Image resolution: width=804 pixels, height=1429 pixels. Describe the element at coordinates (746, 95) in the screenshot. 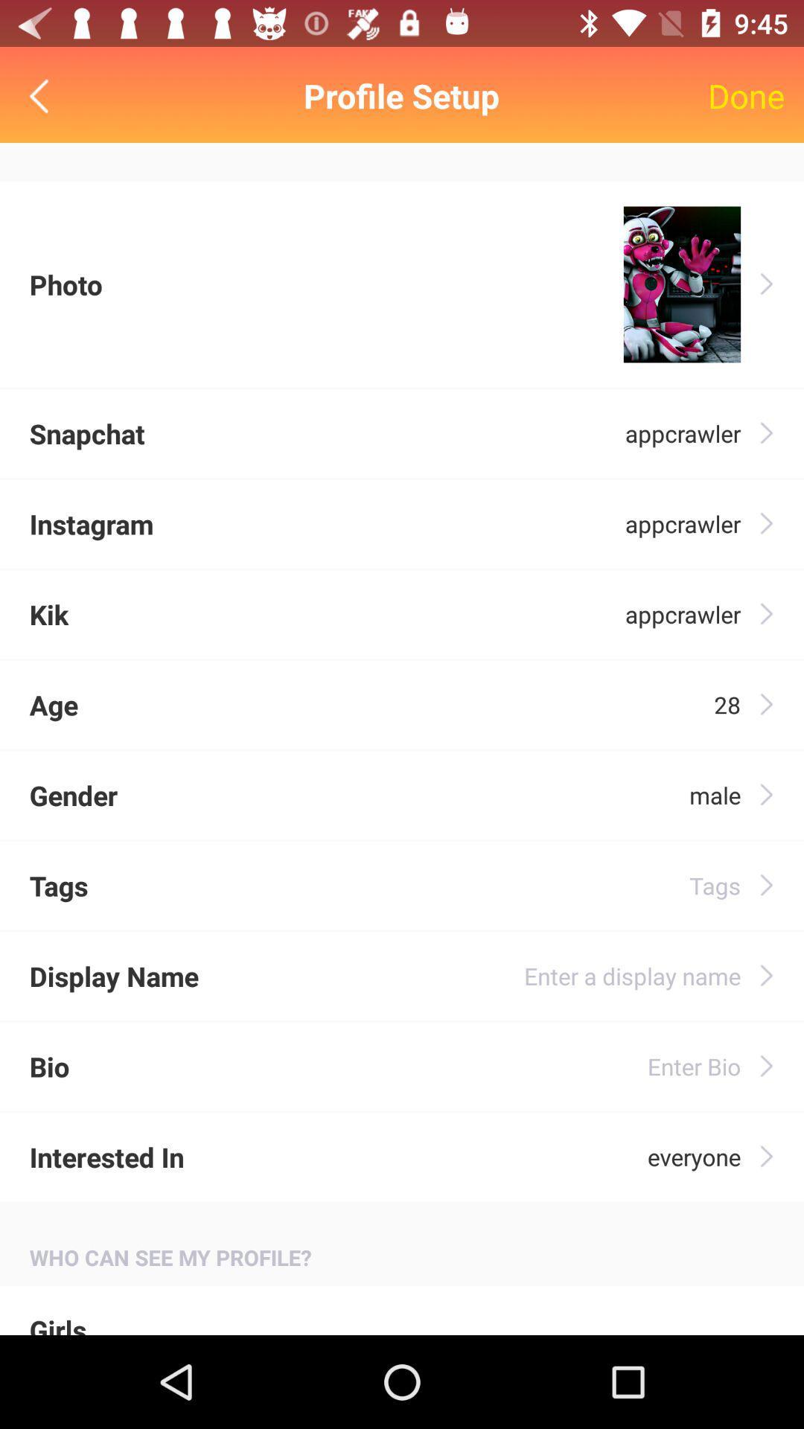

I see `the done` at that location.